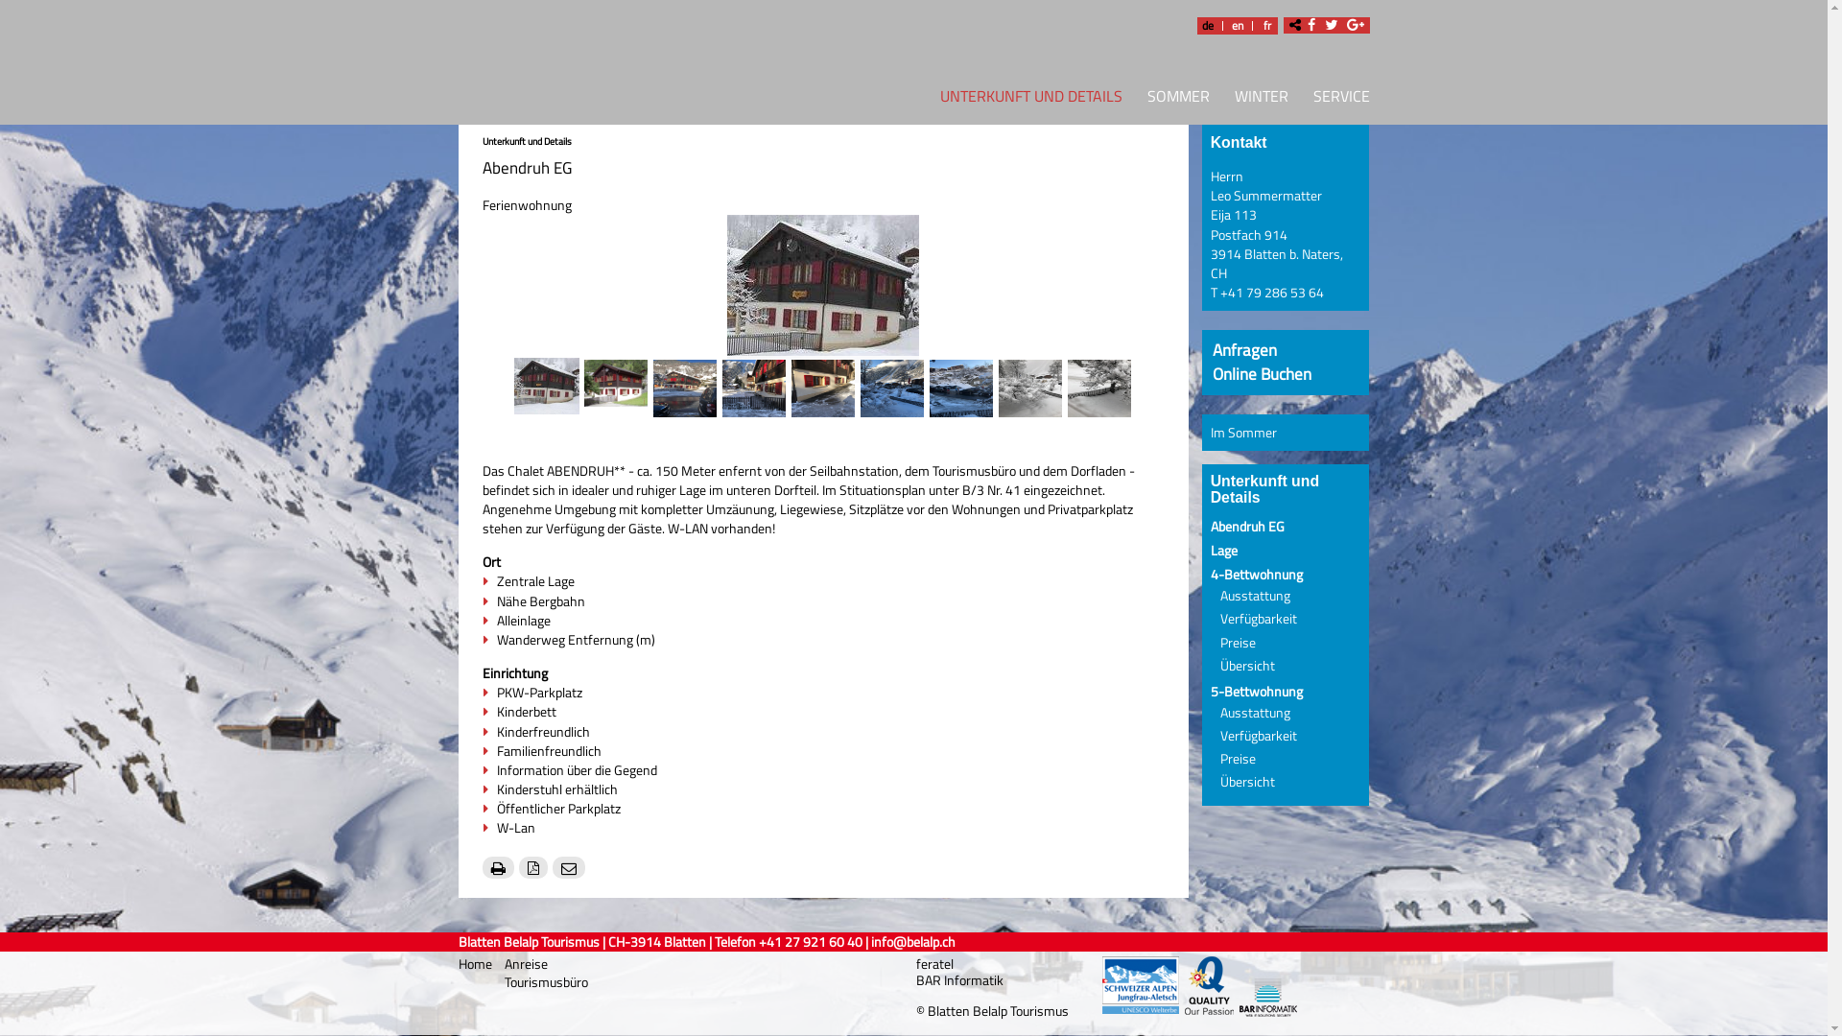  What do you see at coordinates (1266, 25) in the screenshot?
I see `'fr'` at bounding box center [1266, 25].